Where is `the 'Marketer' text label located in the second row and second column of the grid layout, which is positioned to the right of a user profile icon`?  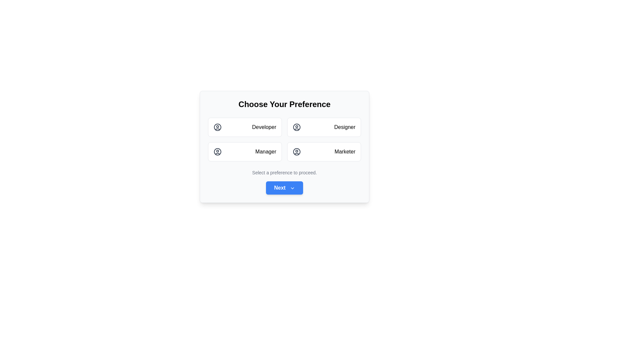 the 'Marketer' text label located in the second row and second column of the grid layout, which is positioned to the right of a user profile icon is located at coordinates (344, 152).